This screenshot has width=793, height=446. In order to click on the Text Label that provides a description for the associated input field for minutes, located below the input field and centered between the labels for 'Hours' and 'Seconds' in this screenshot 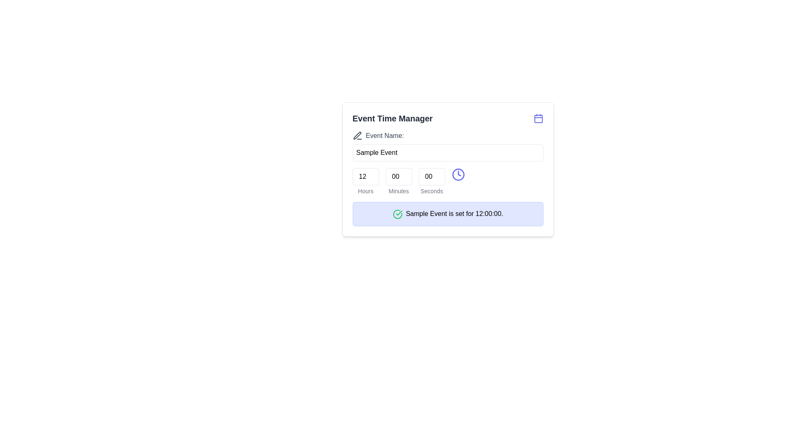, I will do `click(399, 191)`.